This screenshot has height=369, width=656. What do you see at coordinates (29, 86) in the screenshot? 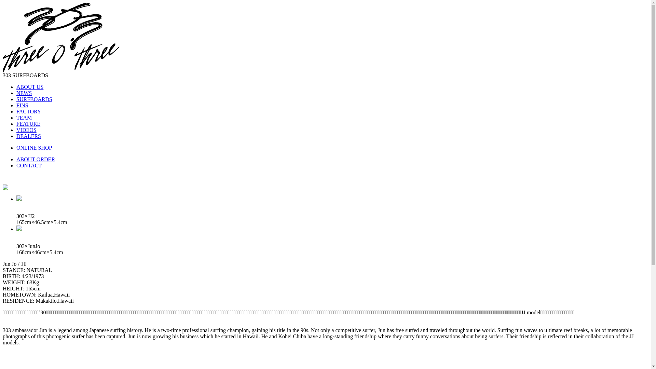
I see `'ABOUT US'` at bounding box center [29, 86].